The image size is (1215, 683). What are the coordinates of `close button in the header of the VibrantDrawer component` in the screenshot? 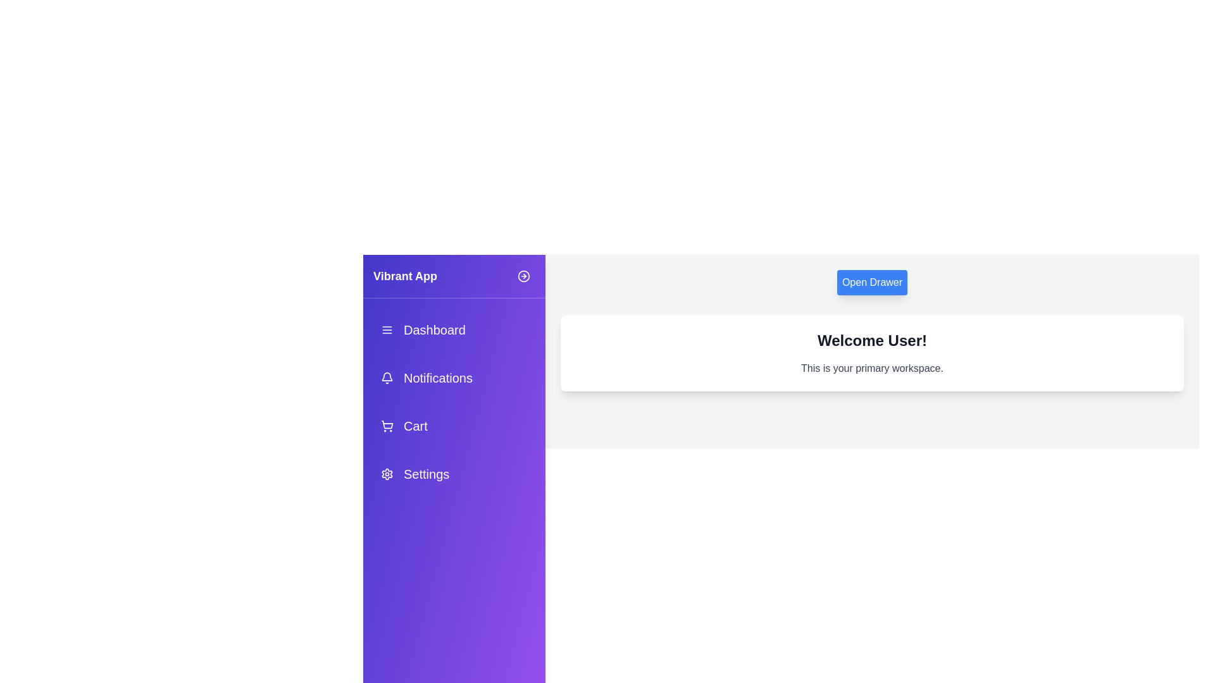 It's located at (524, 275).